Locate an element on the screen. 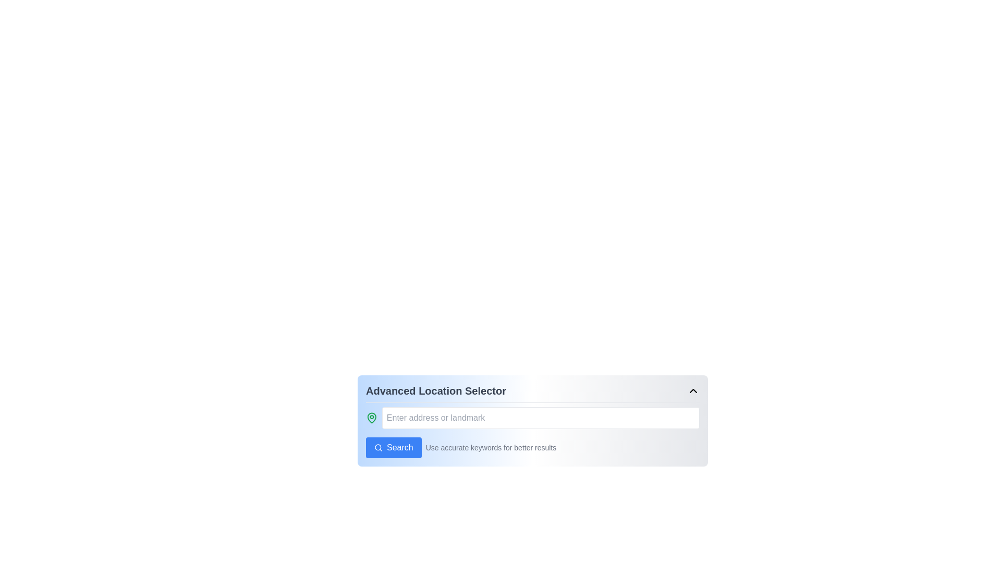 This screenshot has width=1001, height=563. the icon button located on the right-hand edge of the 'Advanced Location Selector' is located at coordinates (693, 390).